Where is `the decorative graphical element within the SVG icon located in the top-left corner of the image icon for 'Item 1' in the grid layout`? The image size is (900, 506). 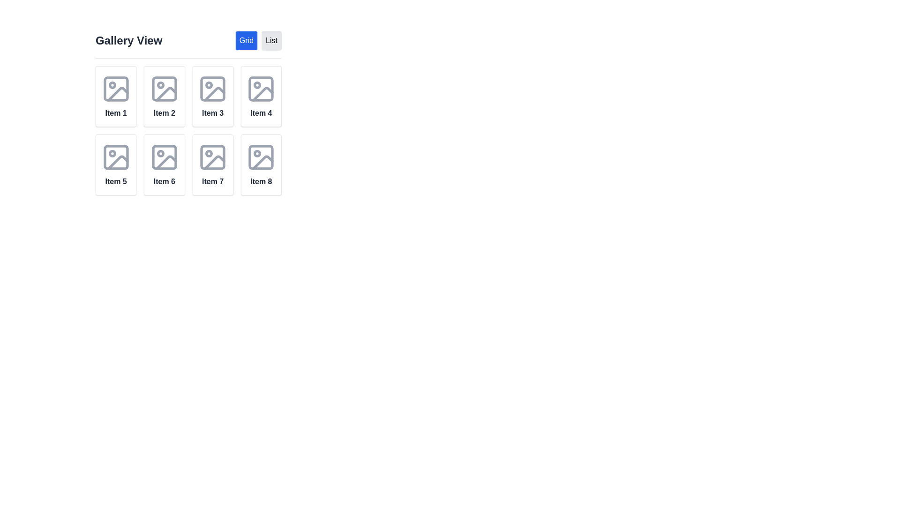
the decorative graphical element within the SVG icon located in the top-left corner of the image icon for 'Item 1' in the grid layout is located at coordinates (115, 89).